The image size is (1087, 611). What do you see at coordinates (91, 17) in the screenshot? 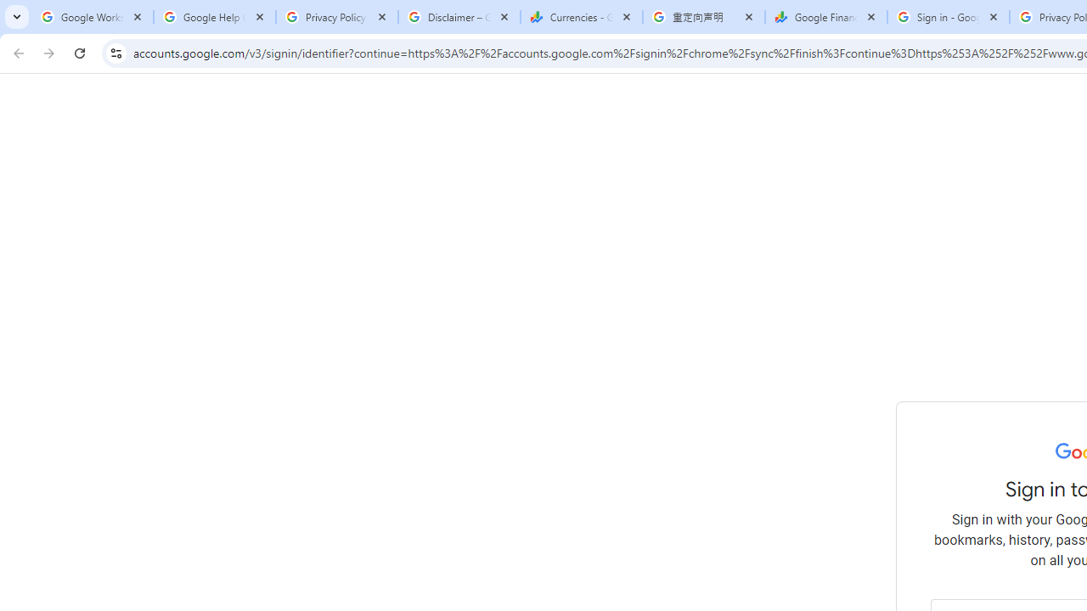
I see `'Google Workspace Admin Community'` at bounding box center [91, 17].